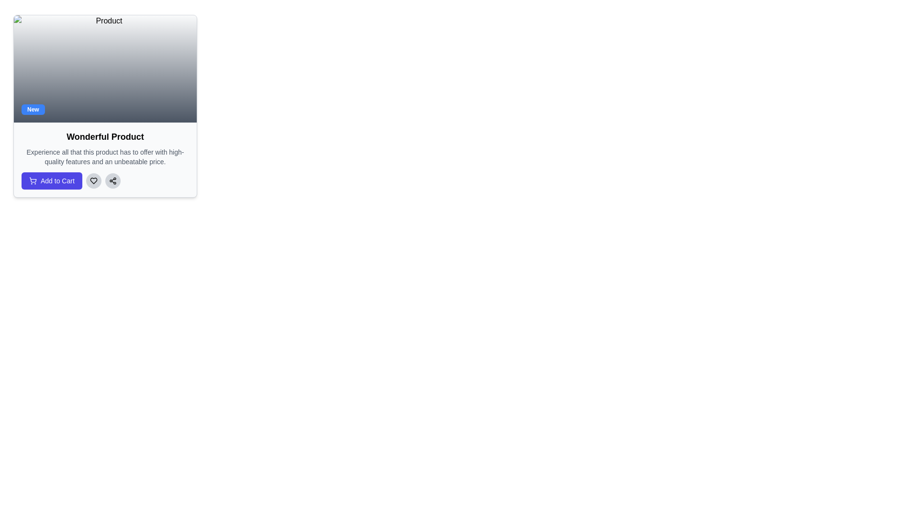 Image resolution: width=919 pixels, height=517 pixels. What do you see at coordinates (33, 108) in the screenshot?
I see `the newly added or featured label located at the bottom-left corner of the image section of the product card` at bounding box center [33, 108].